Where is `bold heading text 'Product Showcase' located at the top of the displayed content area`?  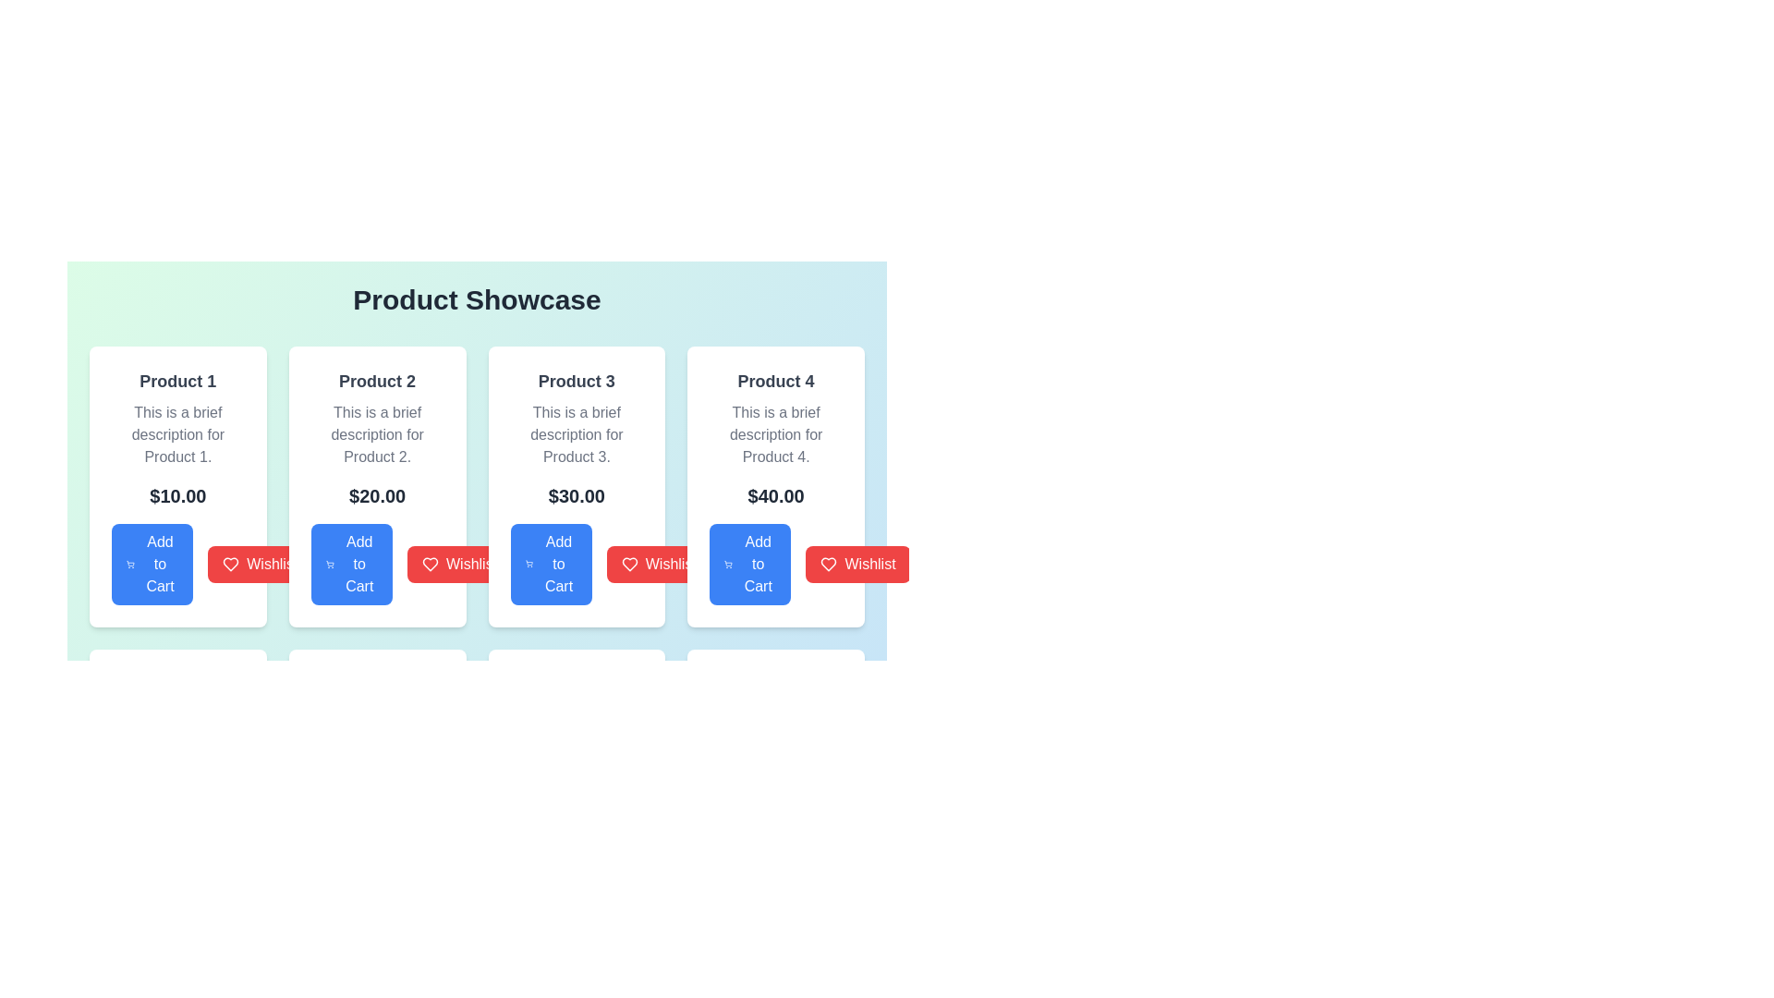
bold heading text 'Product Showcase' located at the top of the displayed content area is located at coordinates (477, 298).